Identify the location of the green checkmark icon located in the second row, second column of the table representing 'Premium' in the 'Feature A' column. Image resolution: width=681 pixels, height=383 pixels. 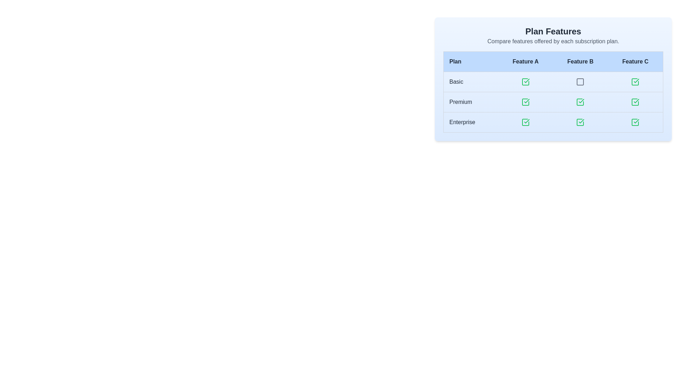
(525, 102).